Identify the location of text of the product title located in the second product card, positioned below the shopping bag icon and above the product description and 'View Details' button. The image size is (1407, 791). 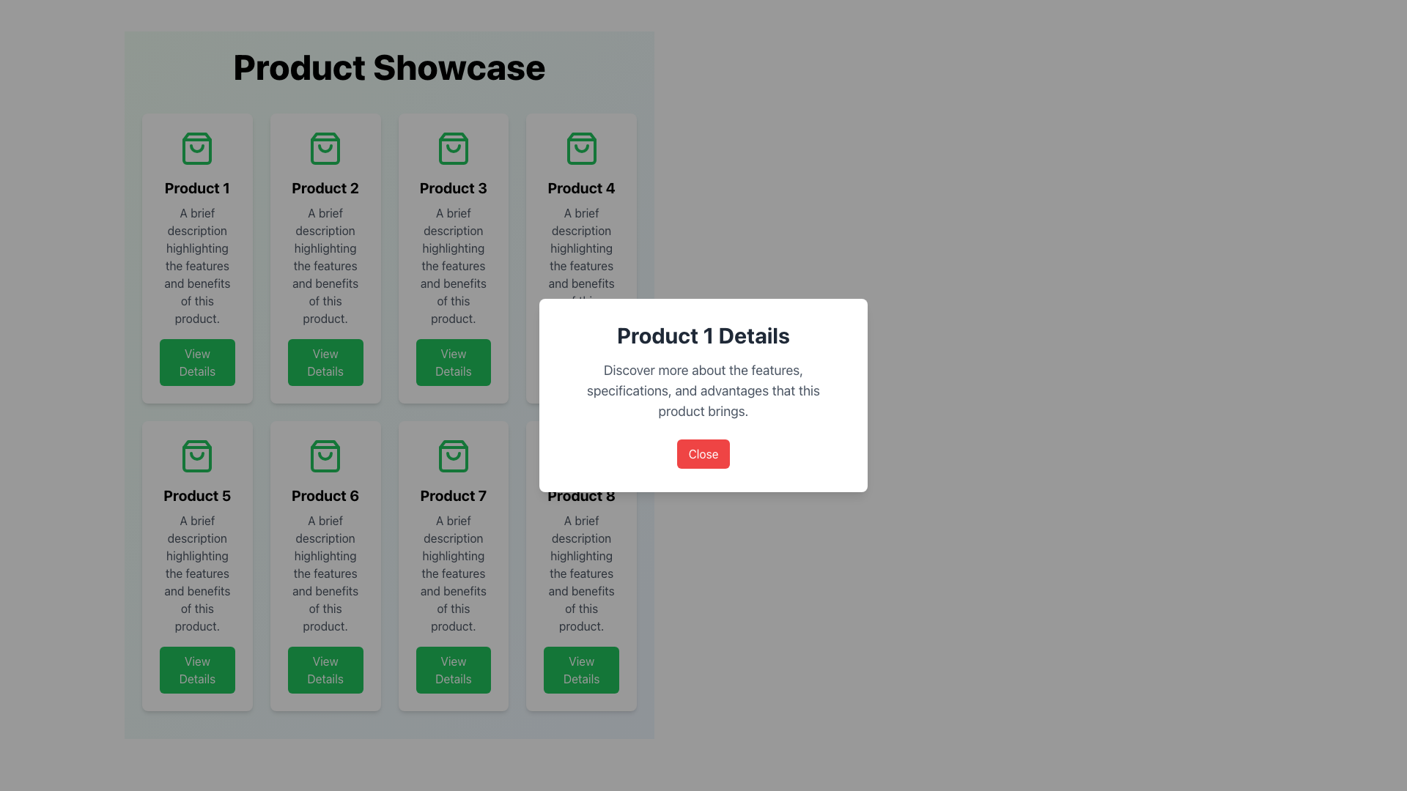
(325, 187).